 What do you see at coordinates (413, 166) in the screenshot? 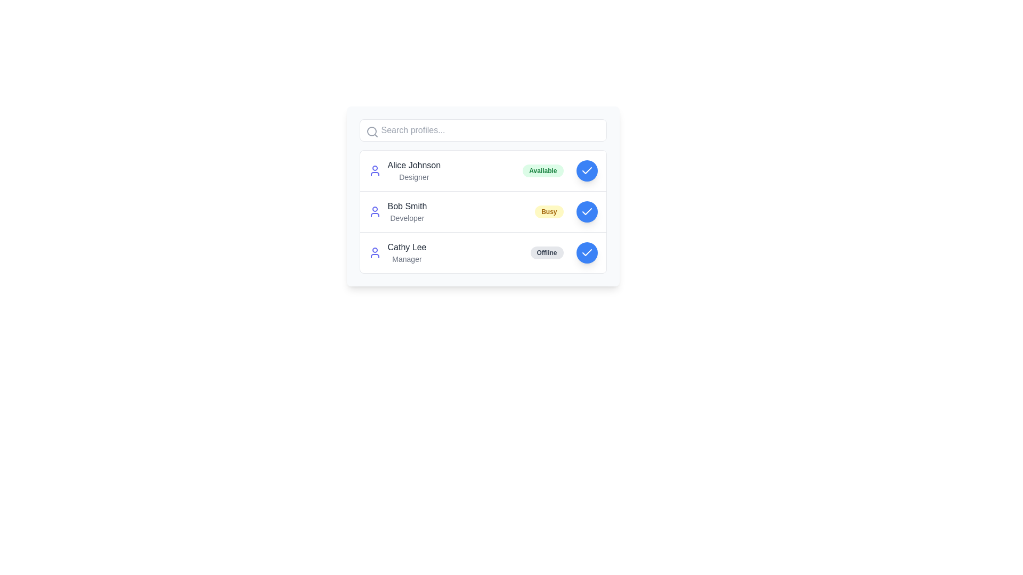
I see `the text display element showing the name 'Alice Johnson,' which serves as a visual identifier for the profile in the first position of the vertical list of profile cards` at bounding box center [413, 166].